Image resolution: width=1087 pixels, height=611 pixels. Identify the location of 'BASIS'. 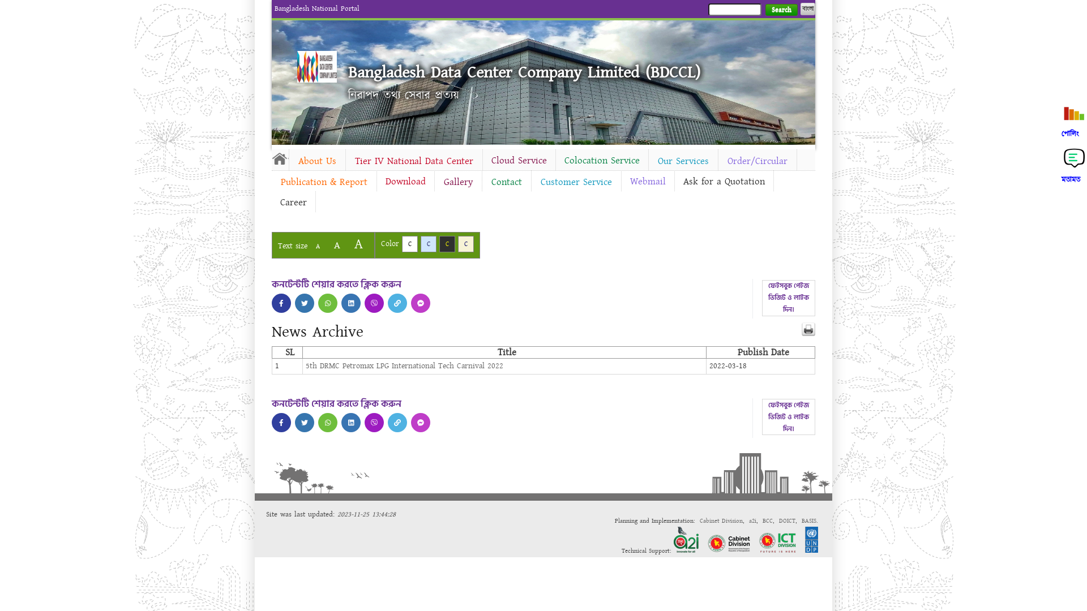
(808, 520).